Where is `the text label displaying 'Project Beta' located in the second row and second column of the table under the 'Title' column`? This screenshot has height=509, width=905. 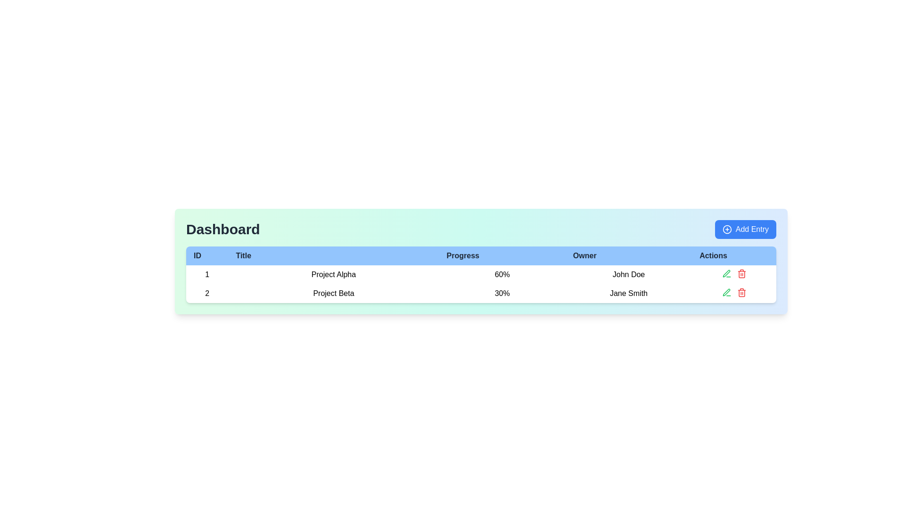
the text label displaying 'Project Beta' located in the second row and second column of the table under the 'Title' column is located at coordinates (333, 293).